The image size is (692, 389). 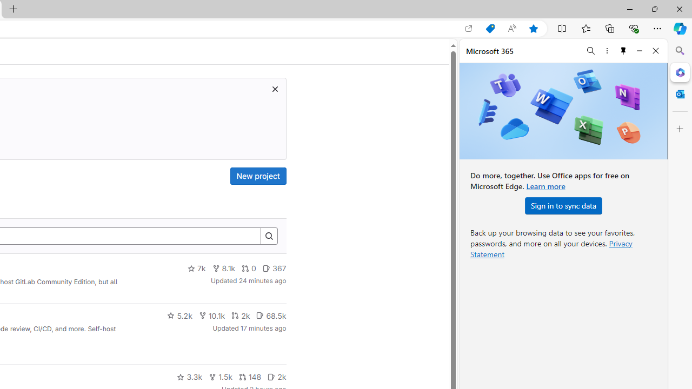 What do you see at coordinates (179, 315) in the screenshot?
I see `'5.2k'` at bounding box center [179, 315].